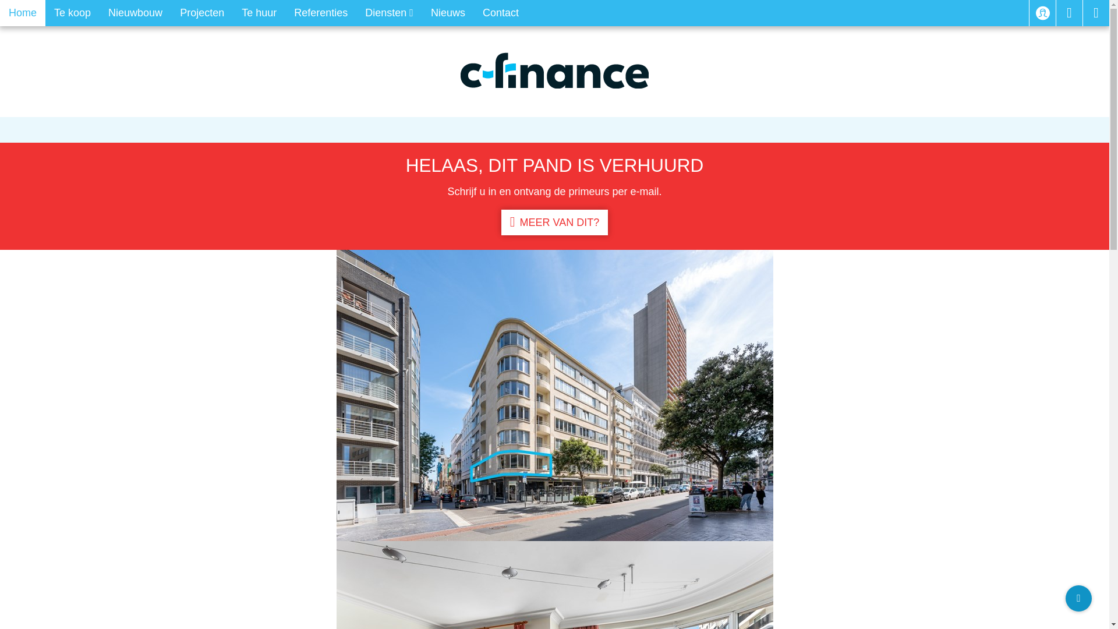  I want to click on 'Nieuwbouw', so click(135, 13).